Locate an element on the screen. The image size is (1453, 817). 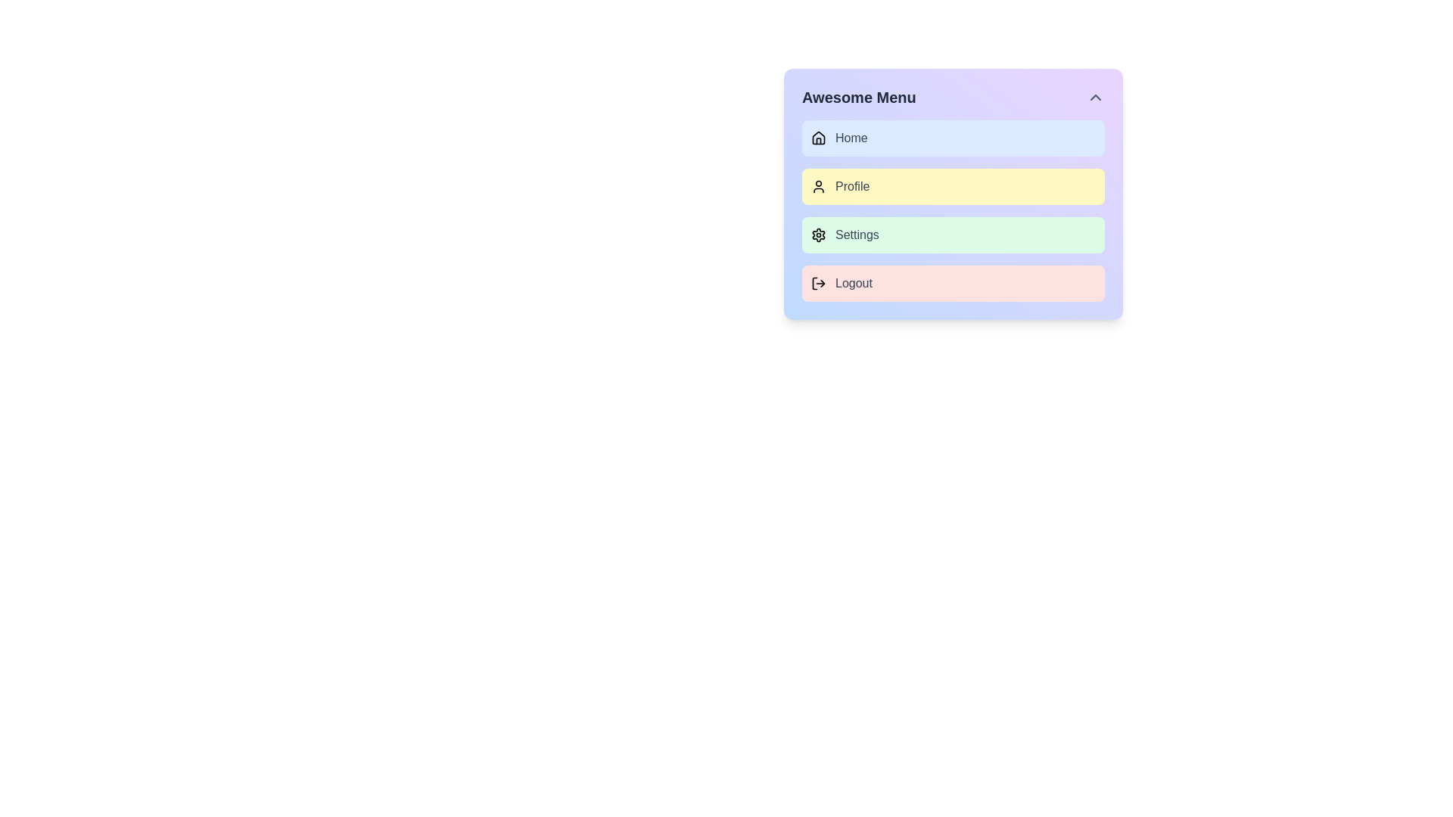
the 'Profile' button, which is the second item in the vertical menu is located at coordinates (952, 185).